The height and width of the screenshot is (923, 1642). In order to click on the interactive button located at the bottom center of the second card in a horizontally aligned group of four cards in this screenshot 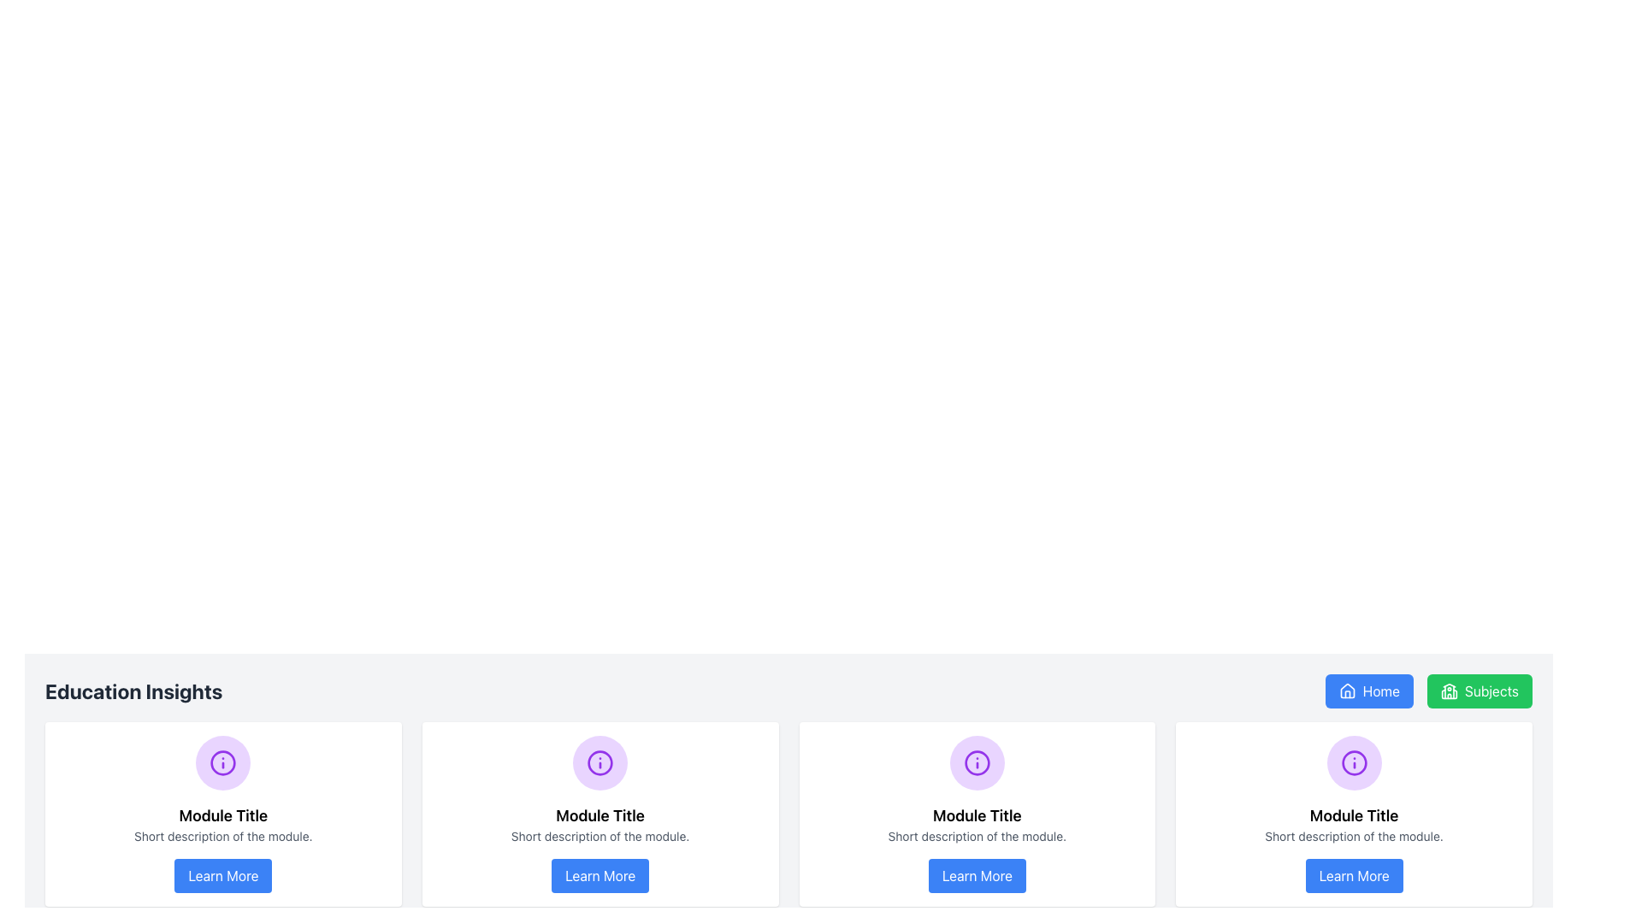, I will do `click(600, 876)`.